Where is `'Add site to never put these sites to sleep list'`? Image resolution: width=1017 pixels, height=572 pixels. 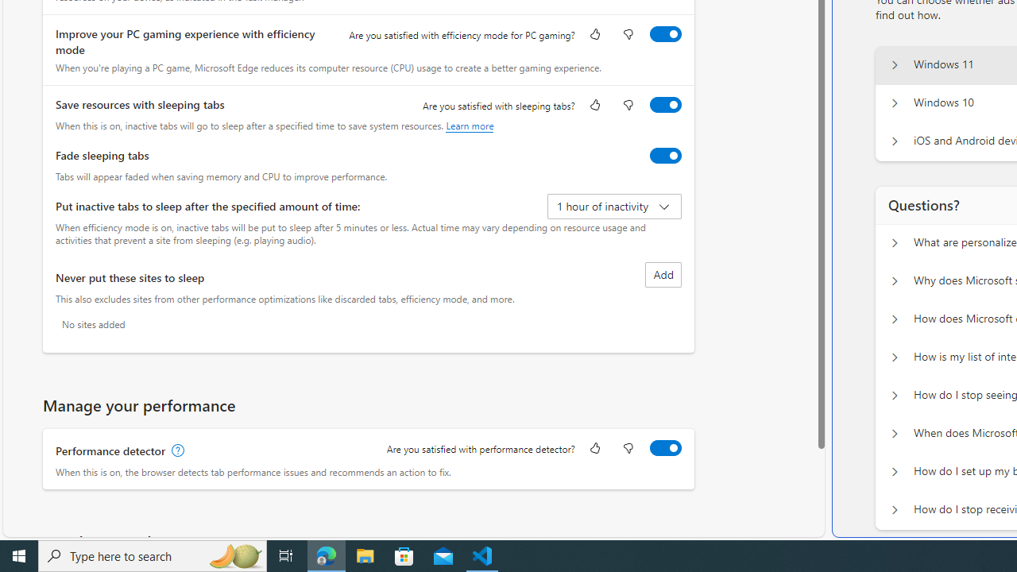 'Add site to never put these sites to sleep list' is located at coordinates (663, 273).